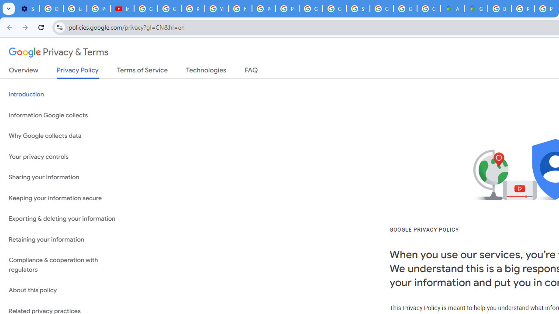  Describe the element at coordinates (59, 52) in the screenshot. I see `'Privacy & Terms'` at that location.